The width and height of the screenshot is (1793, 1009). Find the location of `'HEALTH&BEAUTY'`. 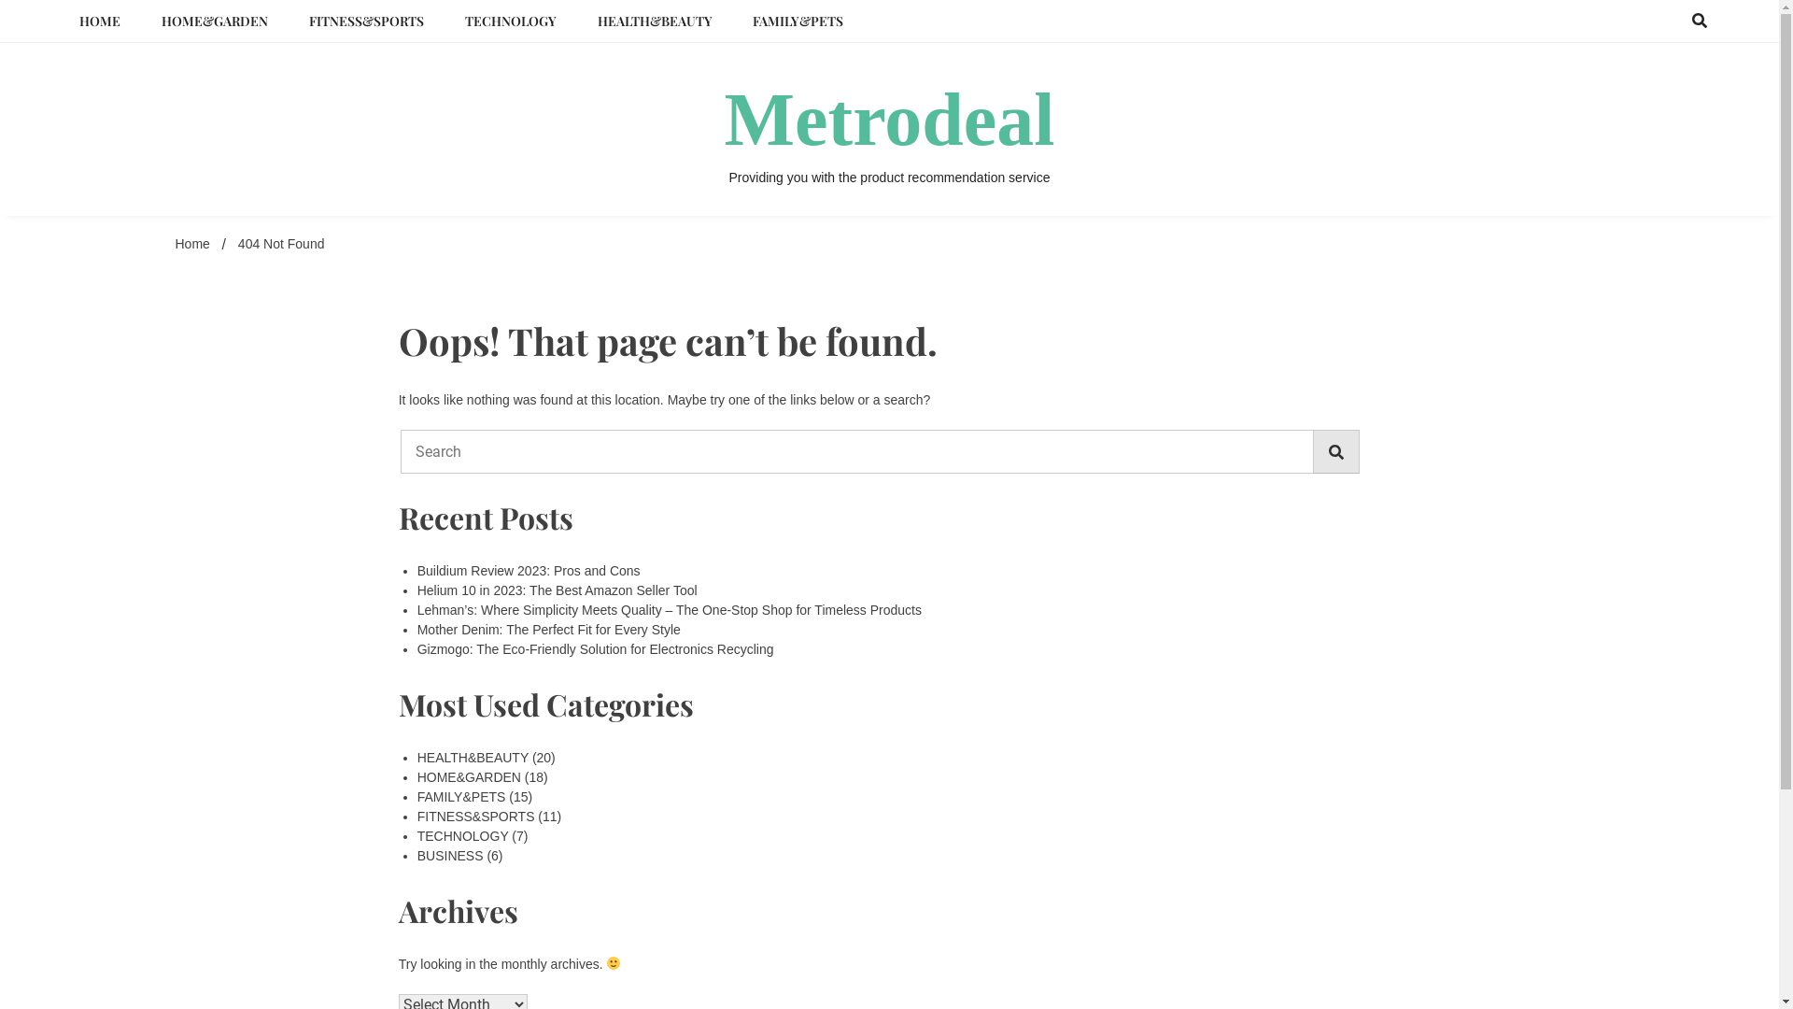

'HEALTH&BEAUTY' is located at coordinates (473, 757).